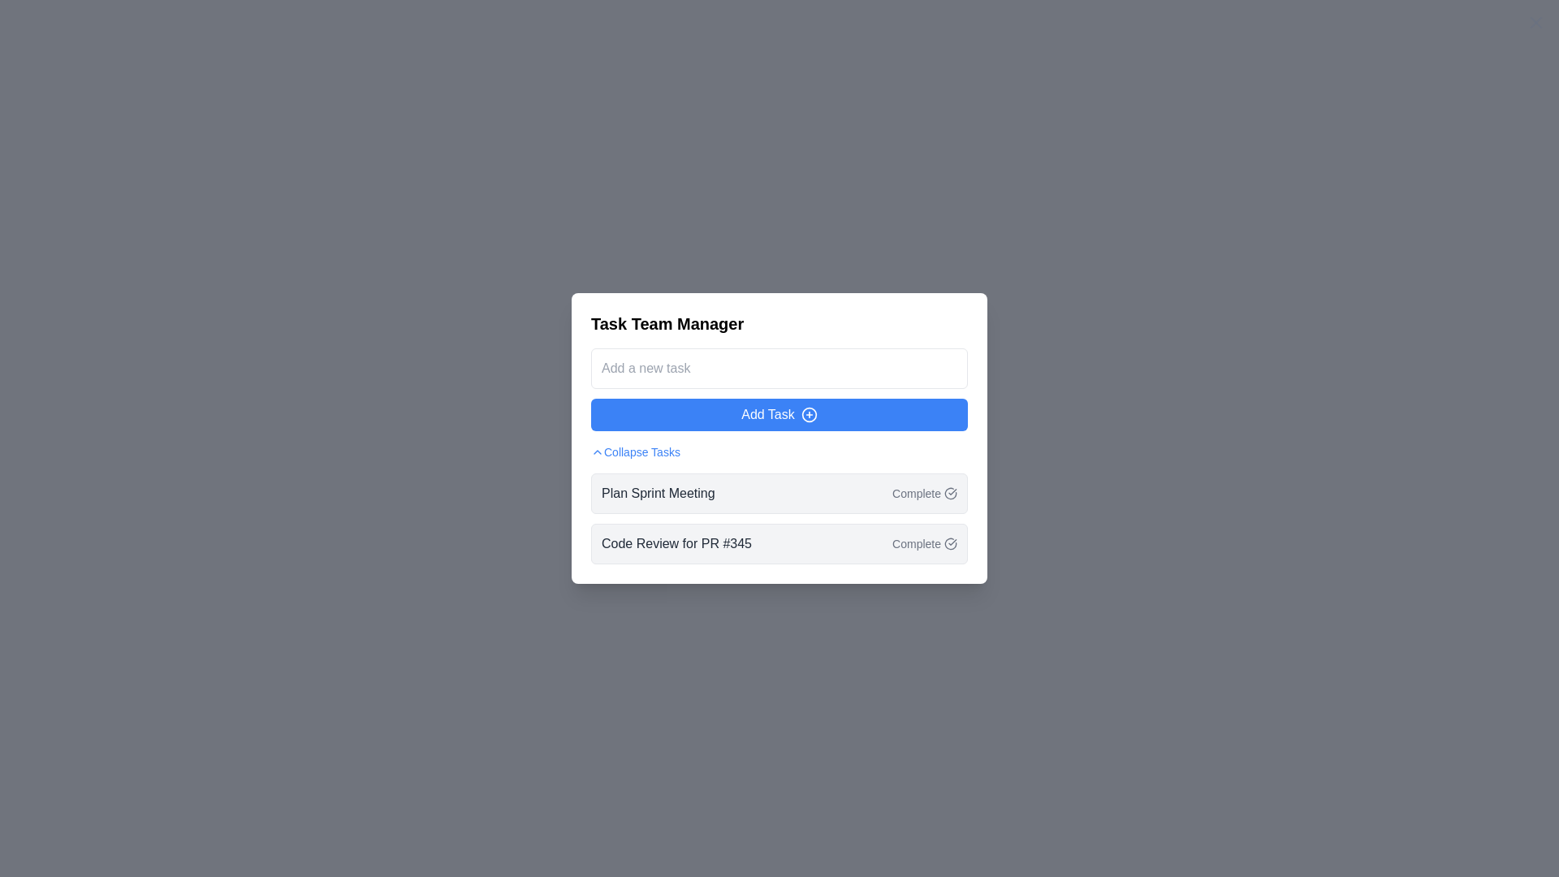  Describe the element at coordinates (809, 413) in the screenshot. I see `SVG circle that is part of the 'Add Task' button, which visually indicates the action of adding a new task, for debugging purposes` at that location.